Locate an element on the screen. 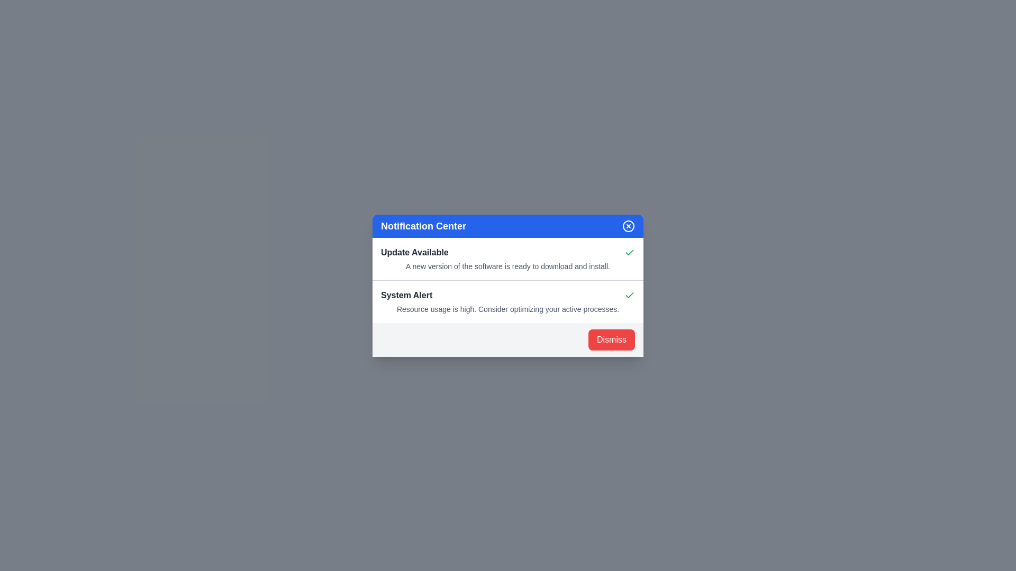  the 'Dismiss' button to close the notification dialog is located at coordinates (612, 339).